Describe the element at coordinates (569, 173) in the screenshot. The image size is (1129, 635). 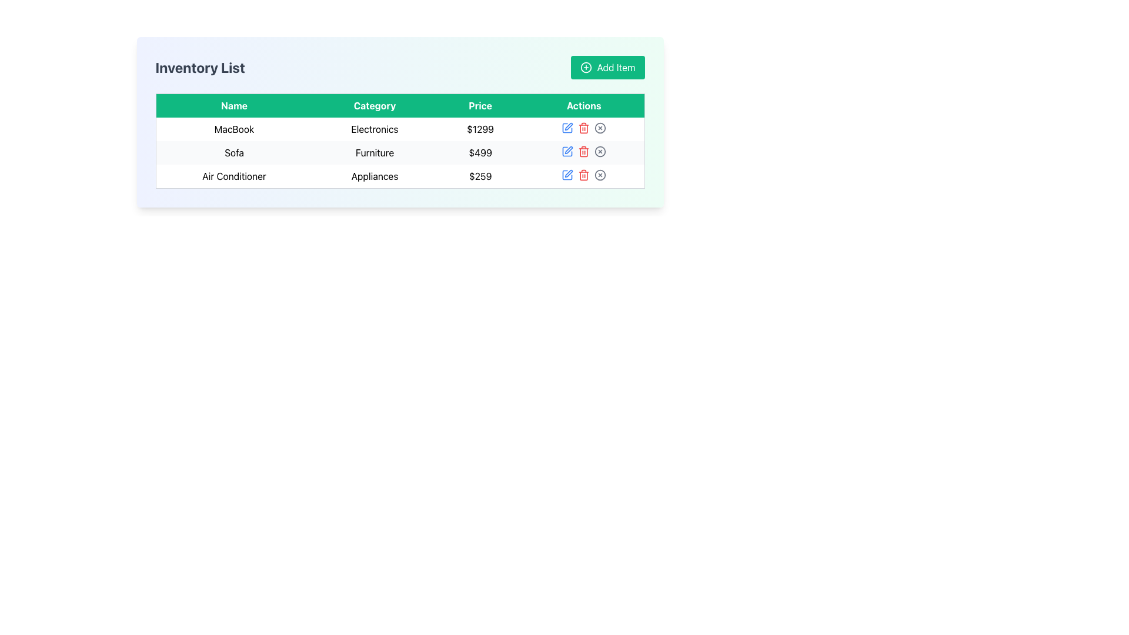
I see `the blue pen icon located in the 'Actions' column of the third row in the table` at that location.